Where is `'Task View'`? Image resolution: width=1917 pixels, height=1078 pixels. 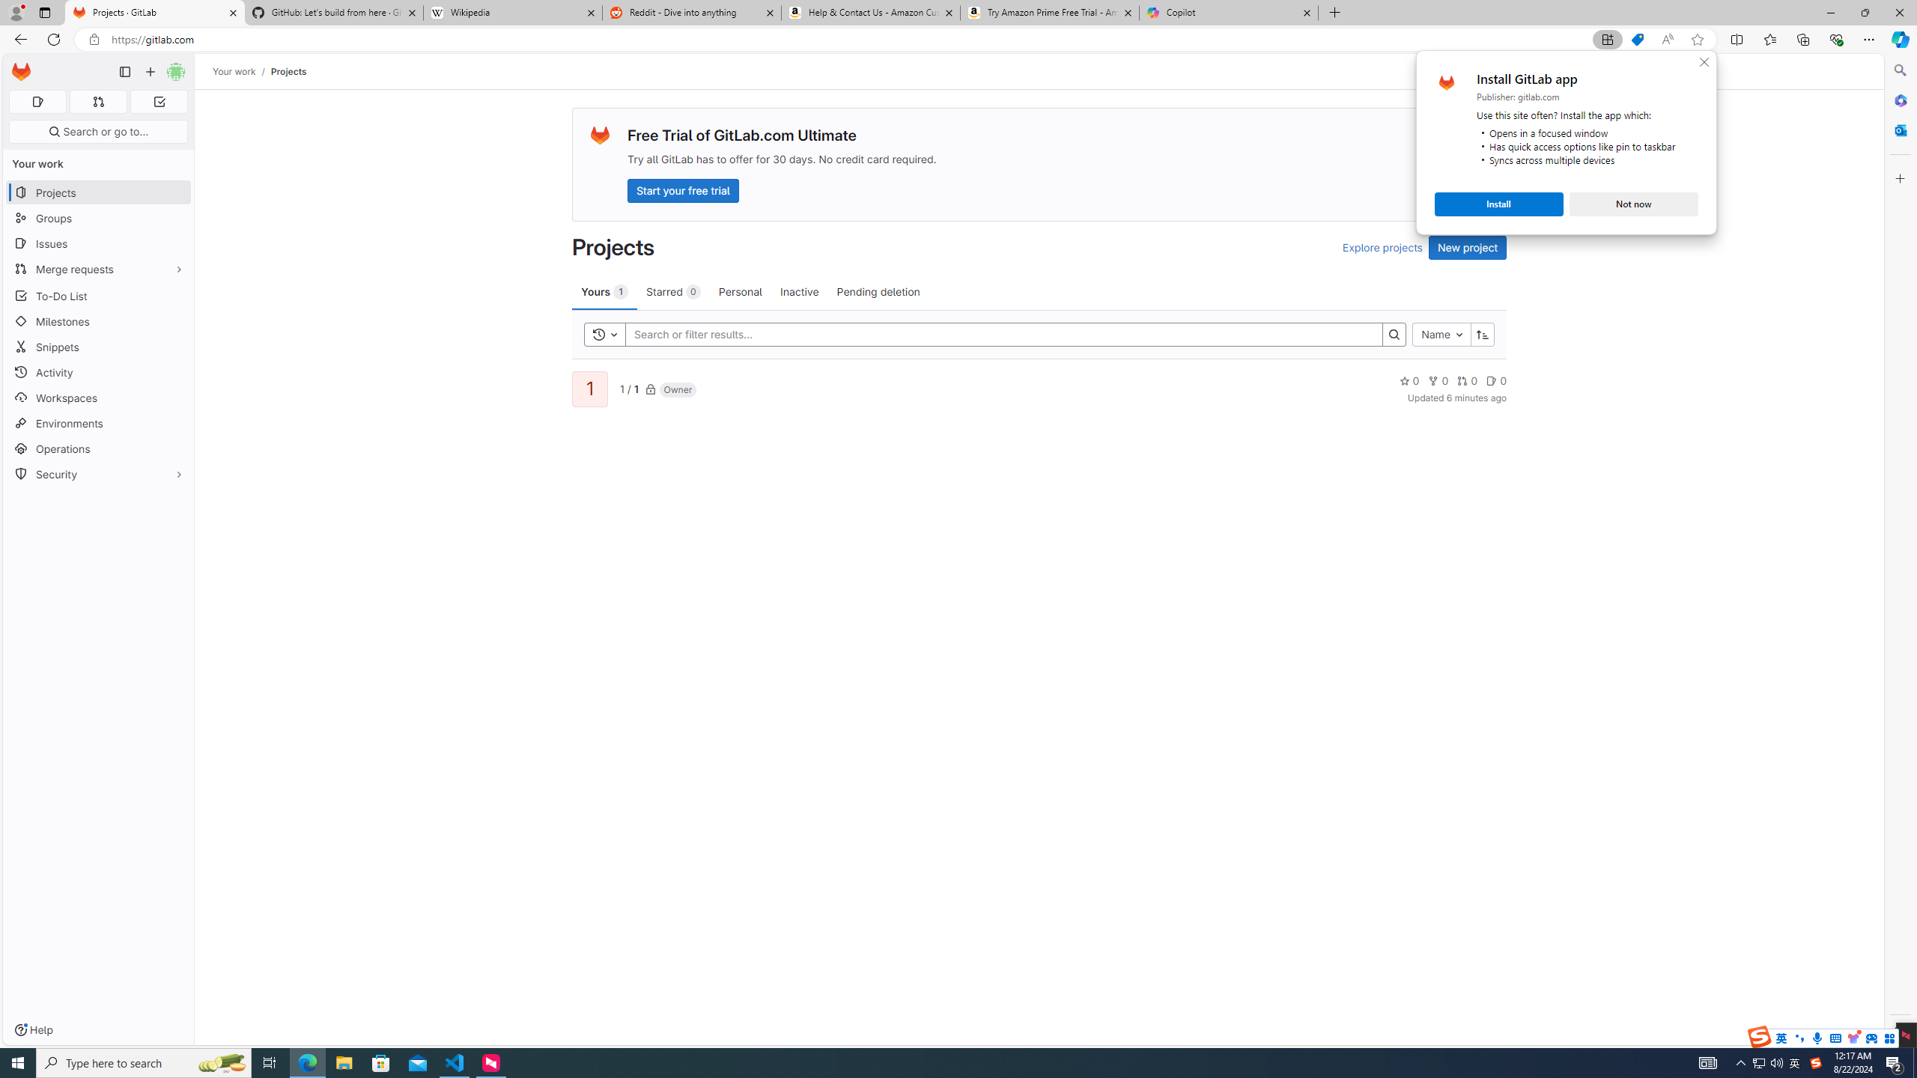 'Task View' is located at coordinates (268, 1062).